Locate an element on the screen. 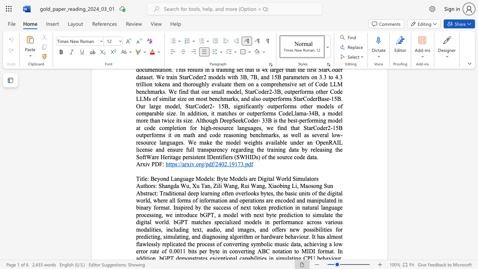 This screenshot has width=478, height=269. the subset text "ext token predicti" within the text "Traditional deep learning often overlooks bytes, the basic units of the digital world, where all forms of information and operations are encoded and manipulated in binary format. Inspired by the success of next token prediction in natural language processing, we introduce bGPT, a model with next byte prediction to simulate the digital world. bGPT matches specialized models in performance across various modalities, including text, audio, and images, and offers new possibilities for predicting, simulating, and diagnosing algorithm or hardware behaviour. It has almost flawlessly" is located at coordinates (243, 207).